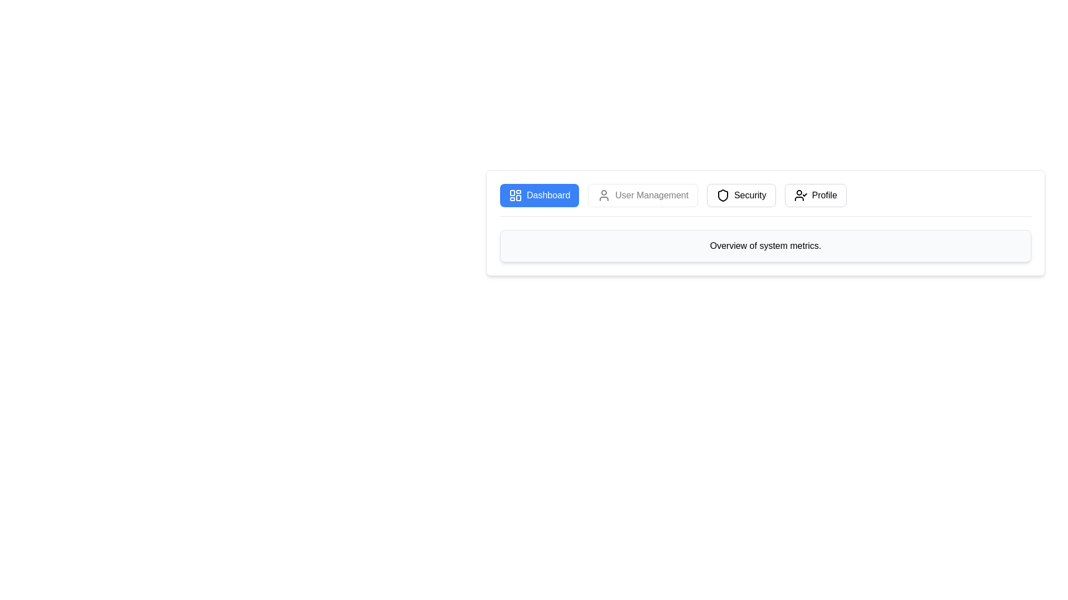 The width and height of the screenshot is (1068, 600). Describe the element at coordinates (765, 200) in the screenshot. I see `the buttons in the Navigation bar using keyboard navigation` at that location.